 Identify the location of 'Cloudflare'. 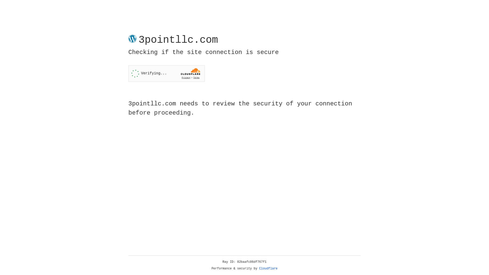
(268, 268).